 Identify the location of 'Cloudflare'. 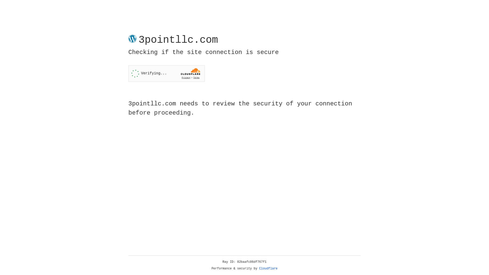
(268, 268).